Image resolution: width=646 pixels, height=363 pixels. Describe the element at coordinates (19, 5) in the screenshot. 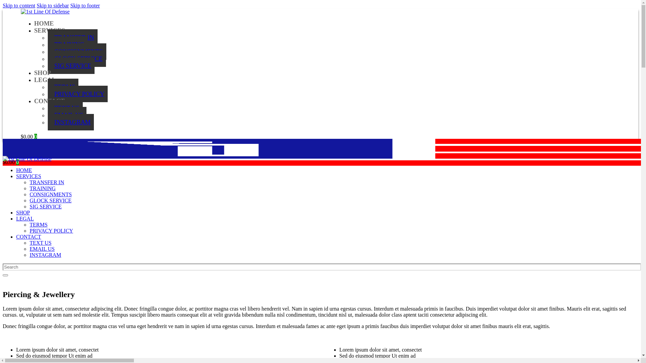

I see `'Skip to content'` at that location.